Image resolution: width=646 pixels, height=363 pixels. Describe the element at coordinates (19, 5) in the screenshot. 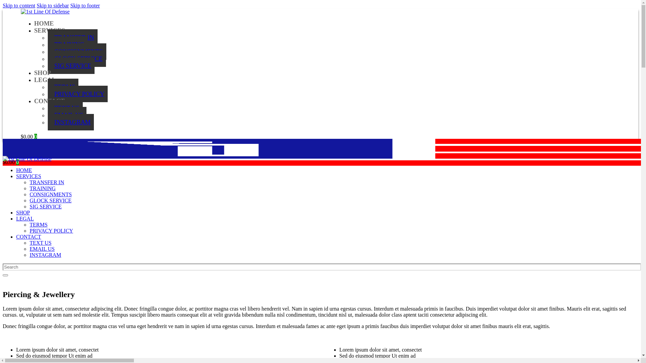

I see `'Skip to content'` at that location.